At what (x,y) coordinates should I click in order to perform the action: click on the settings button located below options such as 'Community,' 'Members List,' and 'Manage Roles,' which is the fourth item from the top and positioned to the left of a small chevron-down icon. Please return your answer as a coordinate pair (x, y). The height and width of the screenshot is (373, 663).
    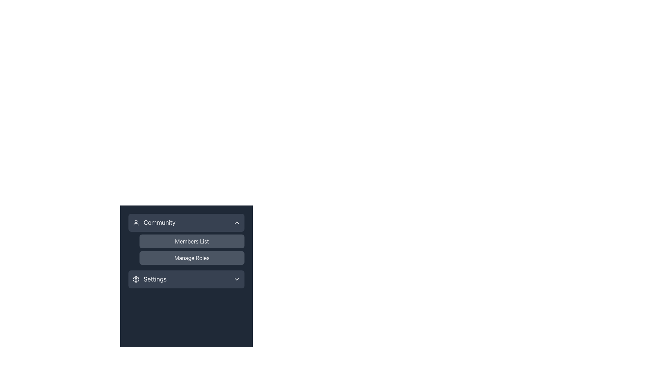
    Looking at the image, I should click on (149, 279).